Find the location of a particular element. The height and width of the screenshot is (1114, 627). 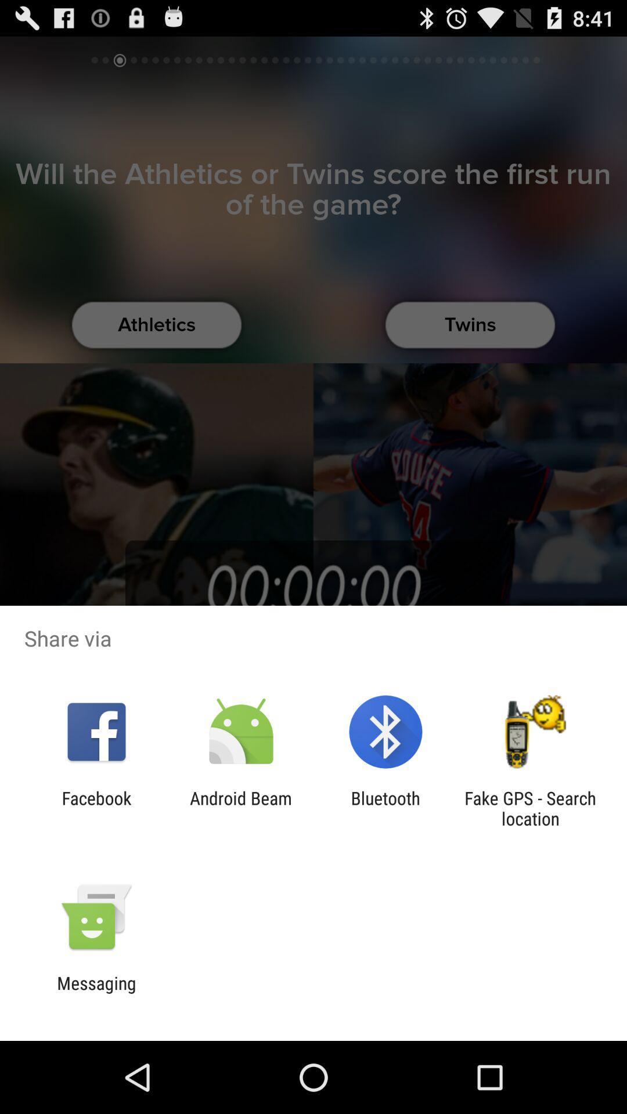

android beam is located at coordinates (240, 808).